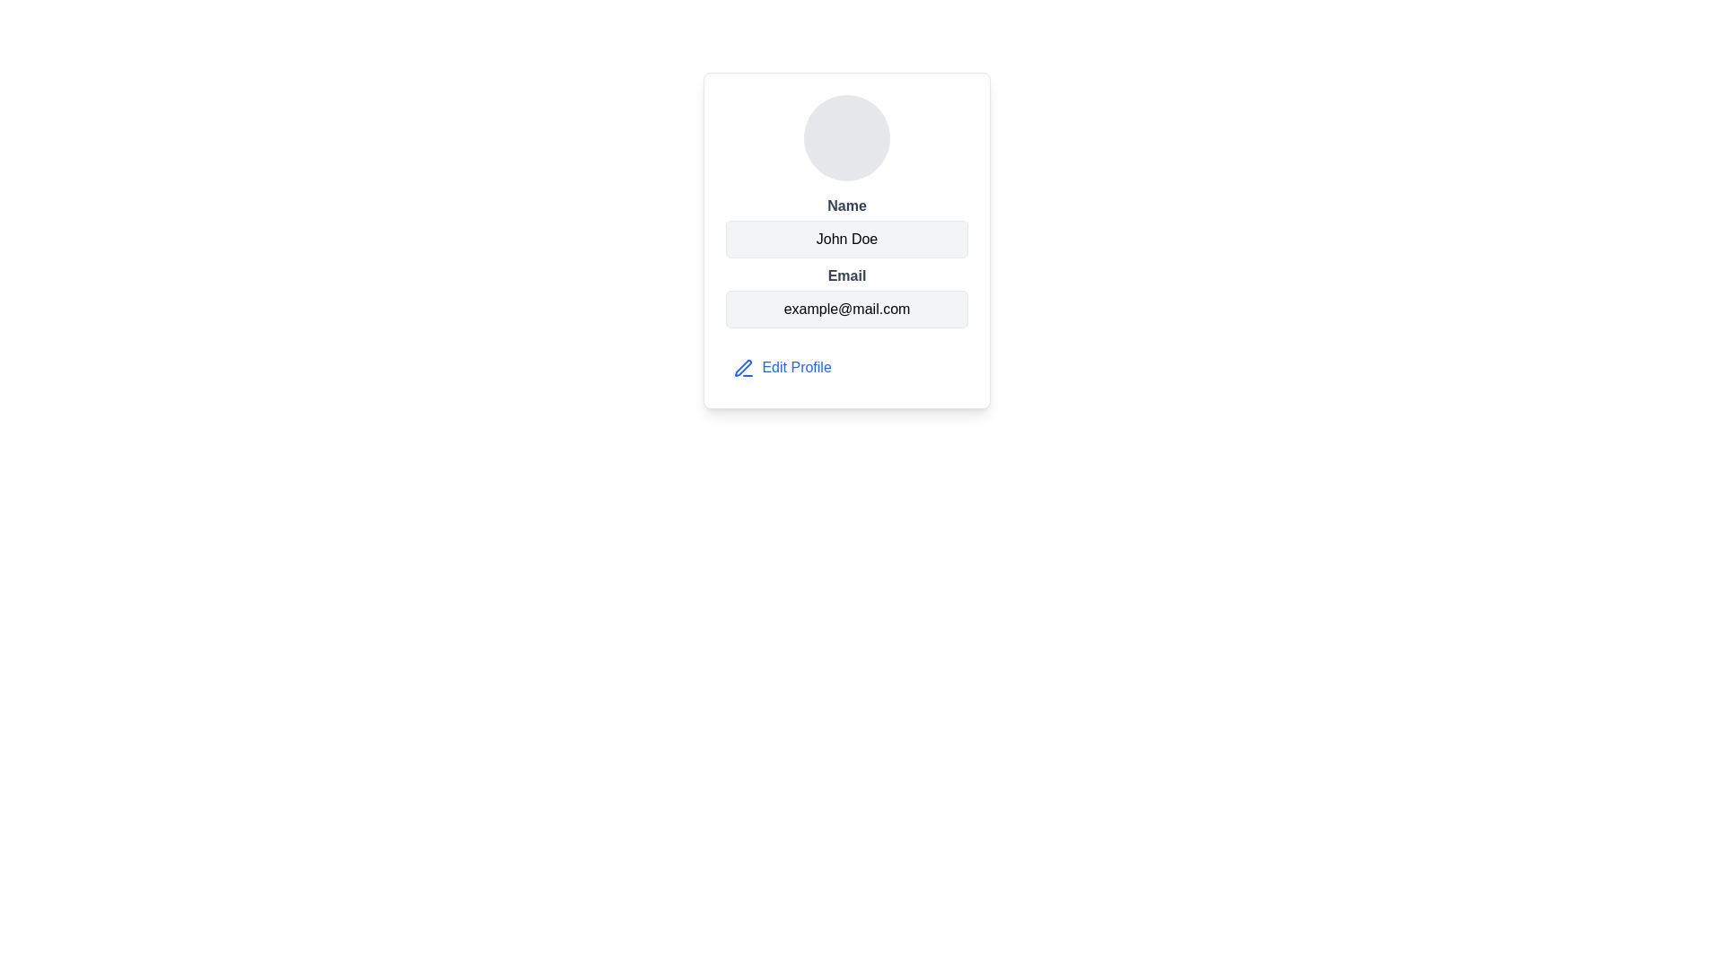  Describe the element at coordinates (846, 239) in the screenshot. I see `text content displayed in the Text Display Box that shows the user's name 'John Doe', which is located below the label 'Name' on the white card interface` at that location.